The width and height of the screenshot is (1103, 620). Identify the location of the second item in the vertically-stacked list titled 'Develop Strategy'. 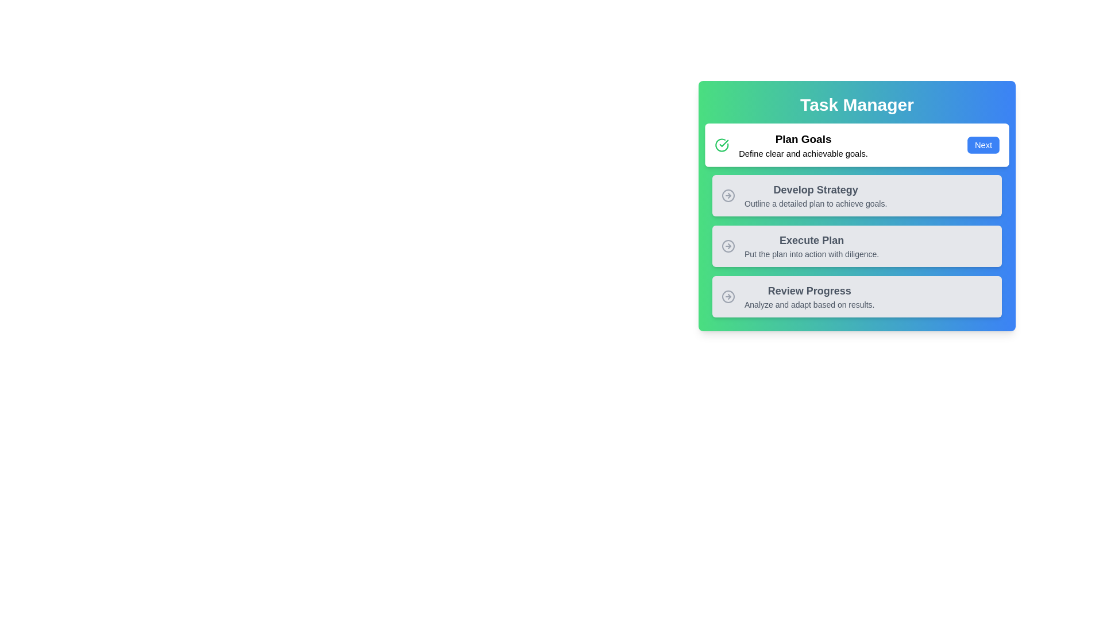
(857, 221).